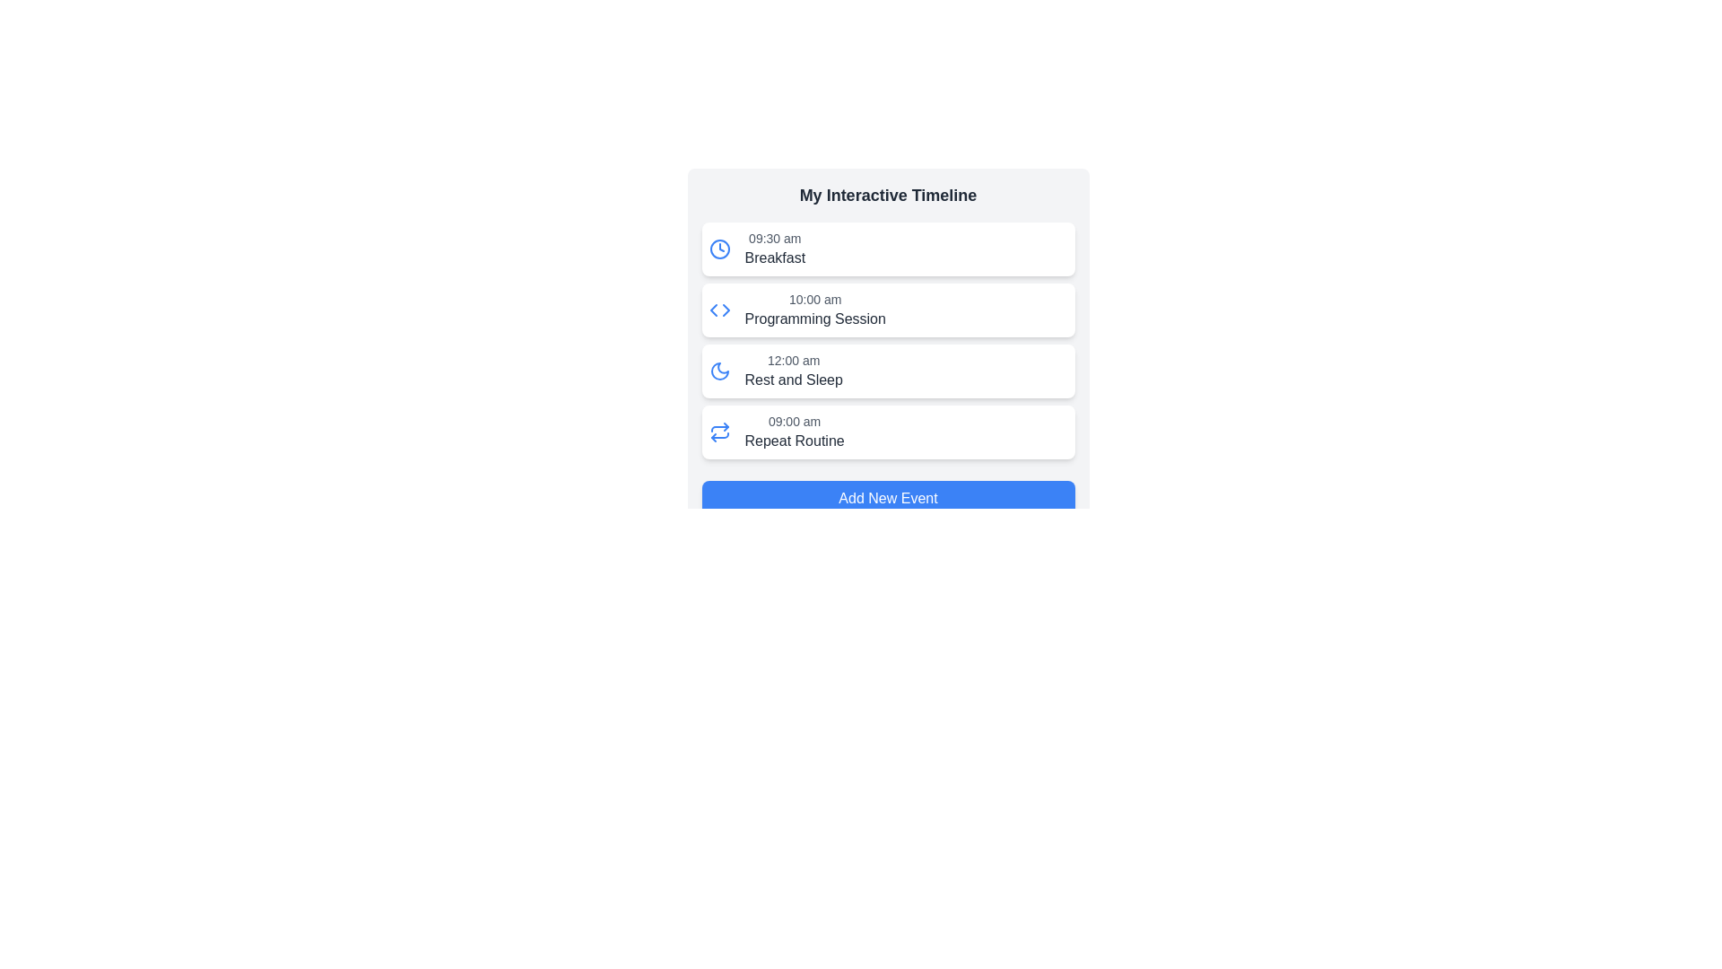  I want to click on time and activity text from the first entry in the 'My Interactive Timeline' section, which is located directly below the header and aligned with a clock icon, so click(775, 249).